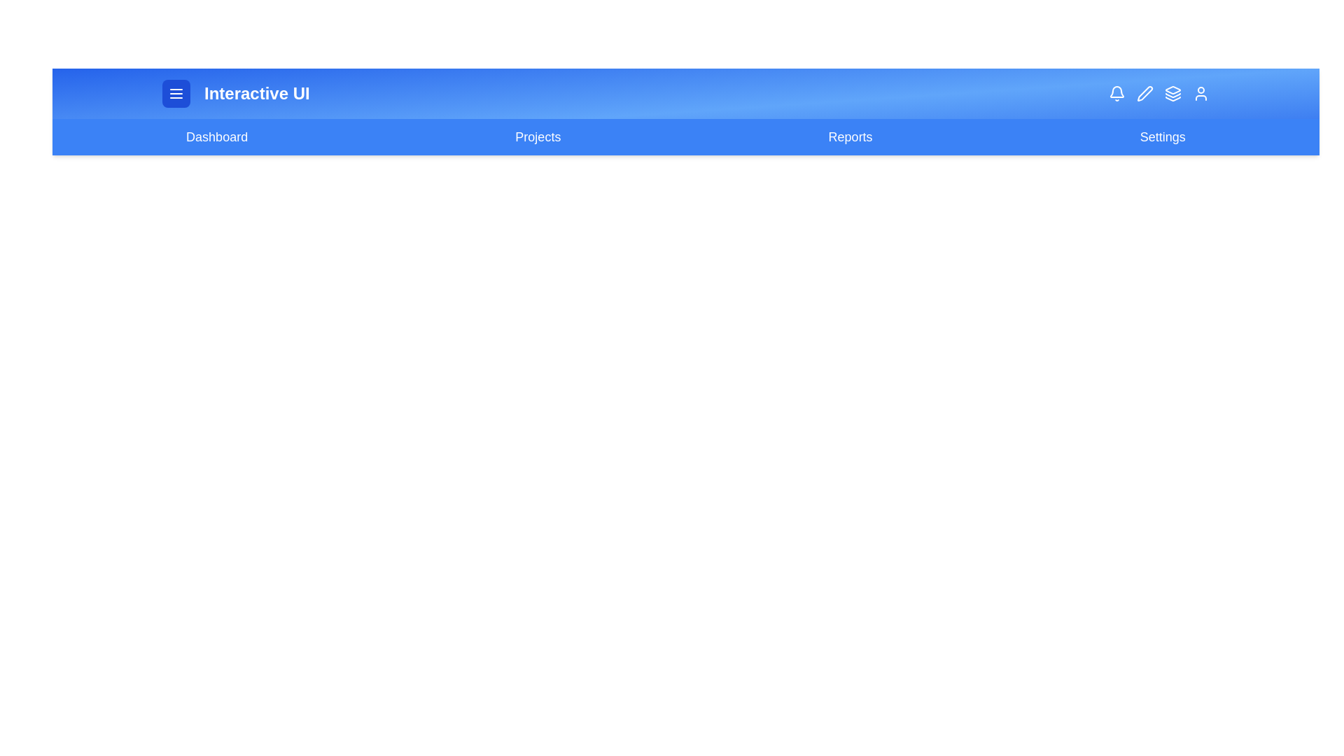 This screenshot has width=1344, height=756. What do you see at coordinates (176, 94) in the screenshot?
I see `the menu button to toggle the visibility of the menu` at bounding box center [176, 94].